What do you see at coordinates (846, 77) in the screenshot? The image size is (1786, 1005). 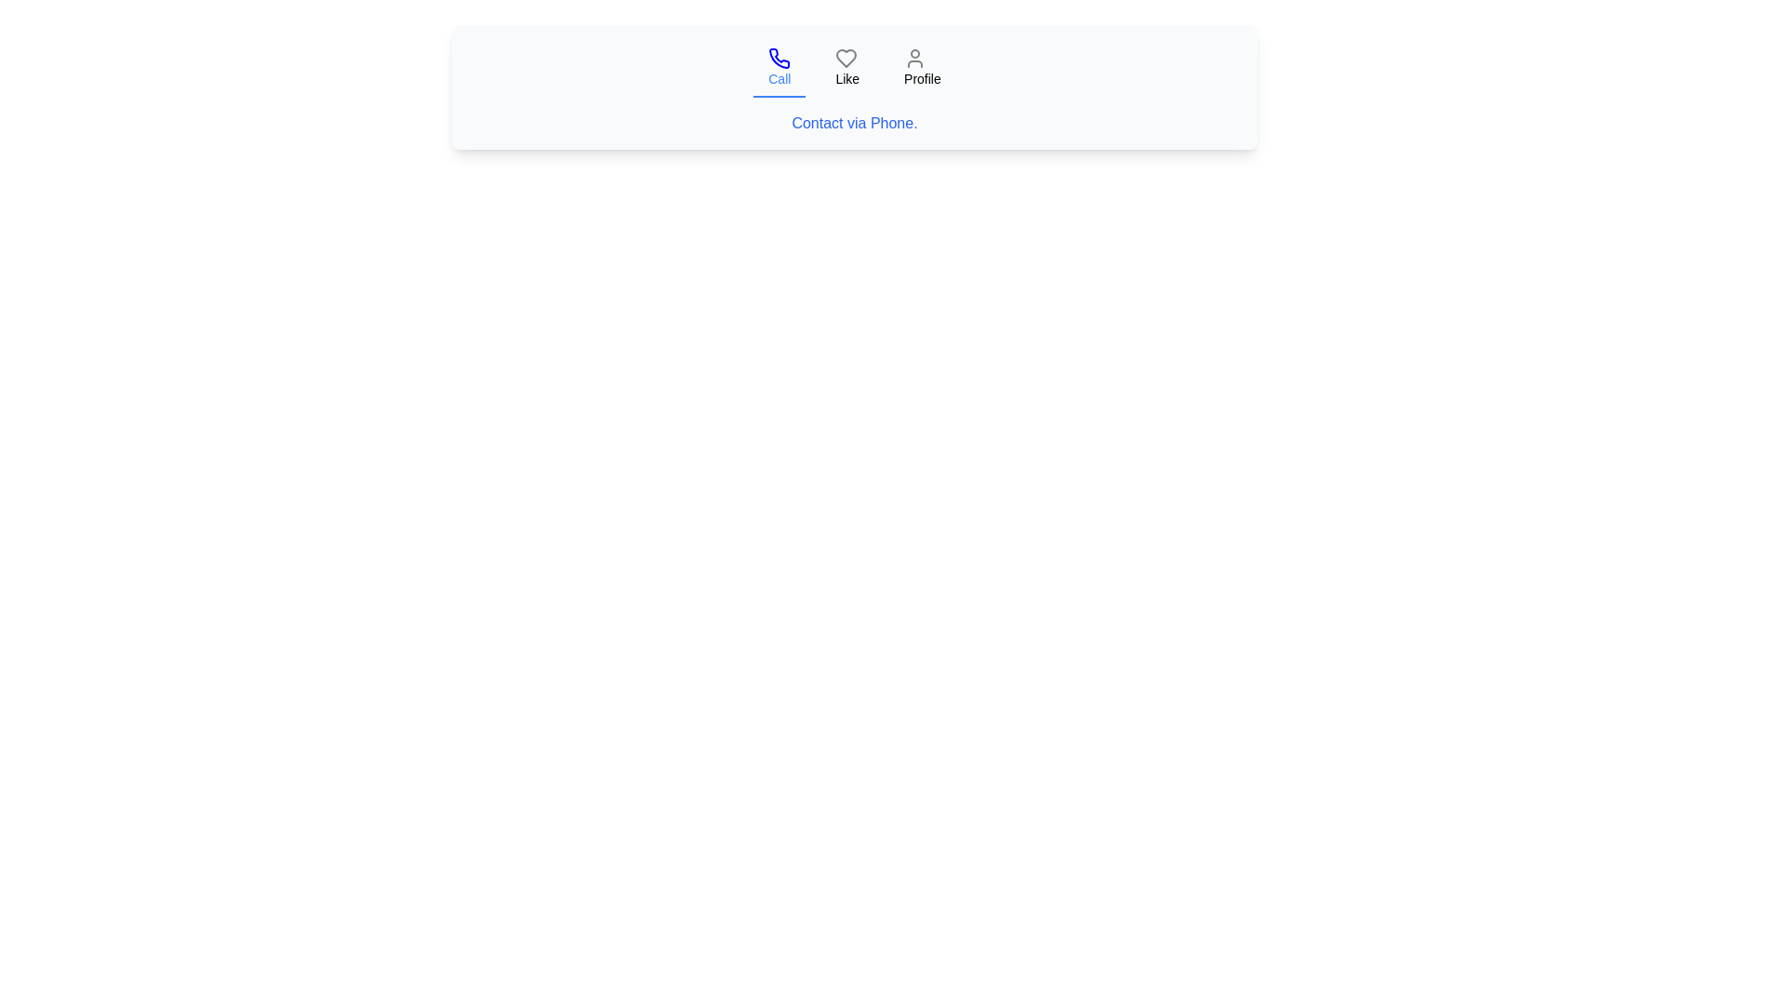 I see `the 'Like' label which is styled with a medium font weight and is positioned below the heart icon in the central button group` at bounding box center [846, 77].